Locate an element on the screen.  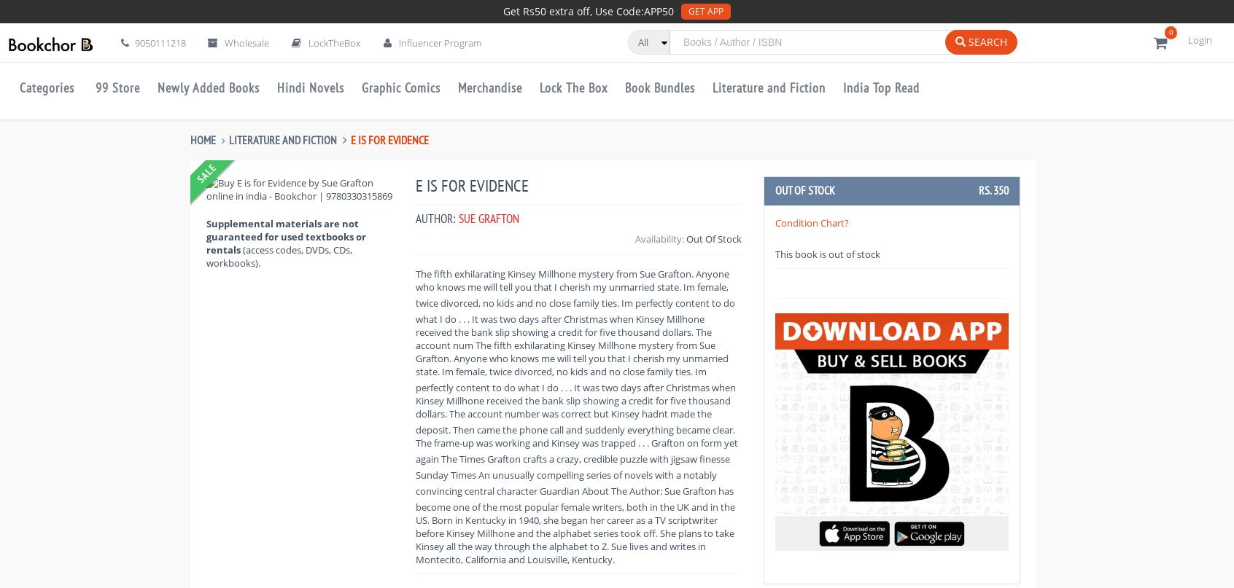
'India Top Read' is located at coordinates (881, 87).